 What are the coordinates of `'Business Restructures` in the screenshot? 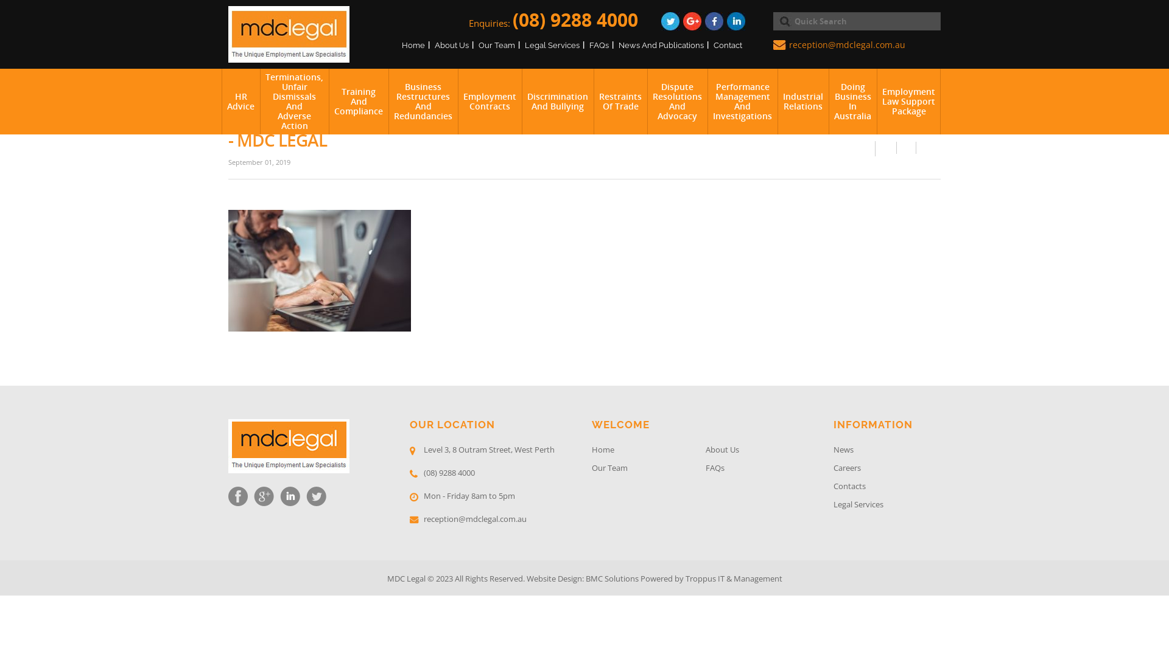 It's located at (423, 100).